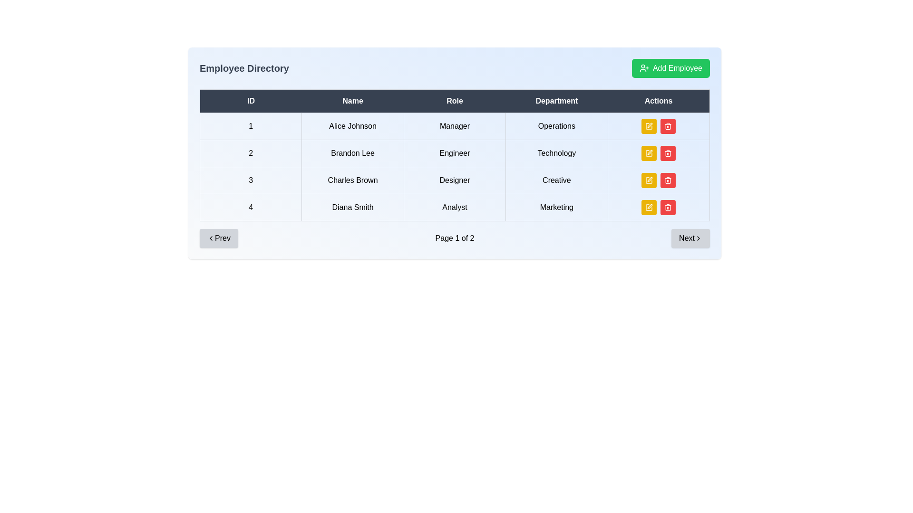 Image resolution: width=913 pixels, height=513 pixels. Describe the element at coordinates (668, 153) in the screenshot. I see `the red trash icon located in the rightmost column labeled 'Actions', which symbolizes delete or trash functionality` at that location.